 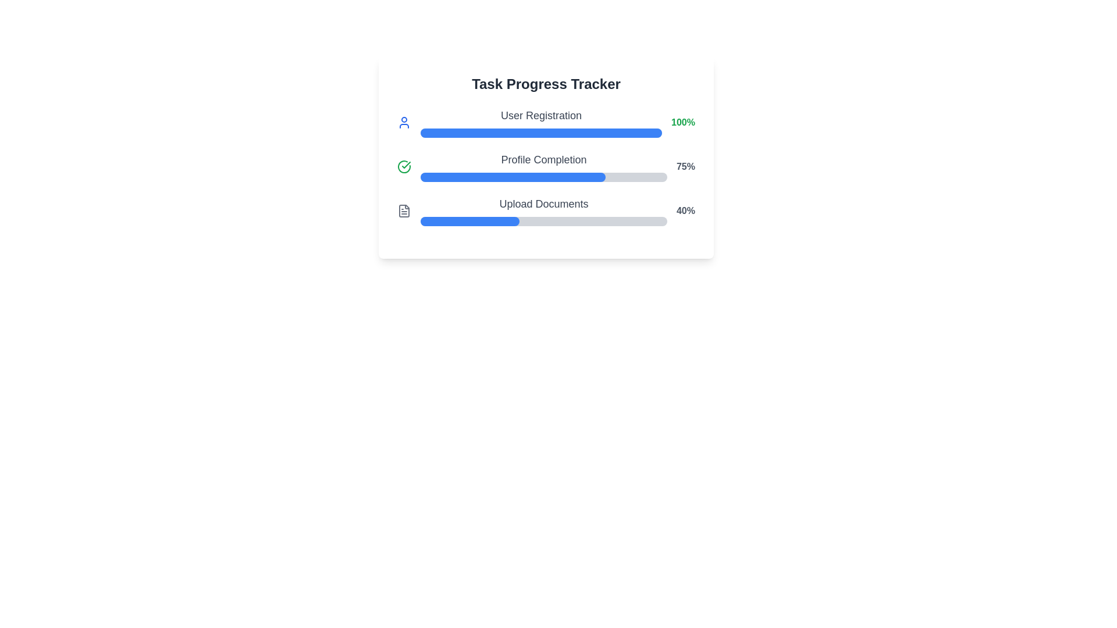 What do you see at coordinates (543, 204) in the screenshot?
I see `text labeled 'Upload Documents', which is the third label in a vertical progress-tracking interface, located below 'Profile Completion'` at bounding box center [543, 204].